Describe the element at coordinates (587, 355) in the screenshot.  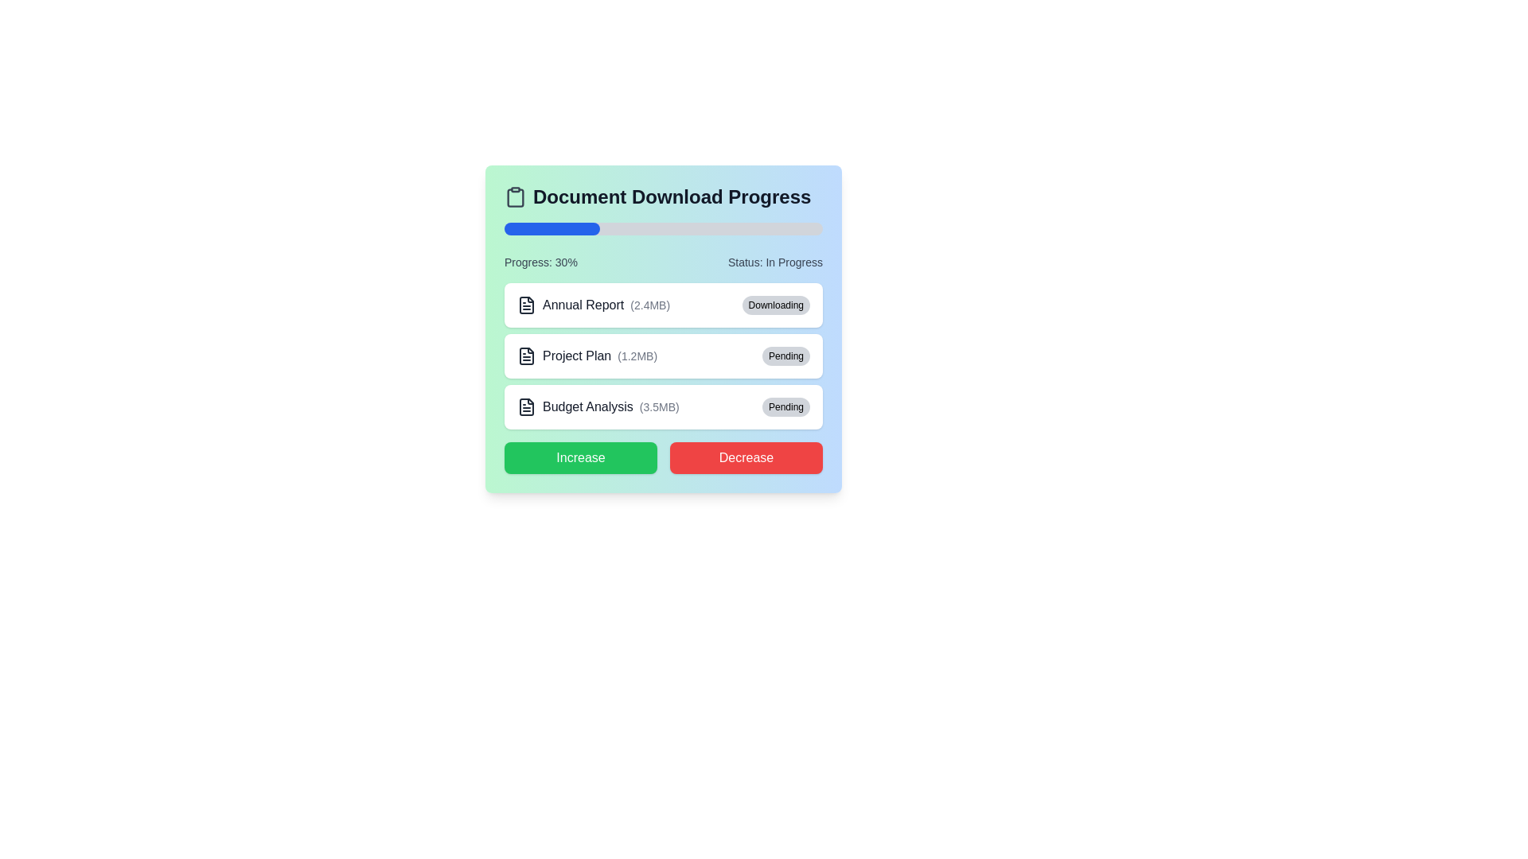
I see `the label indicating the downloadable file named 'Project Plan' with a size of 1.2MB, located in the 'Document Download Progress' panel between 'Annual Report' and 'Budget Analysis'` at that location.